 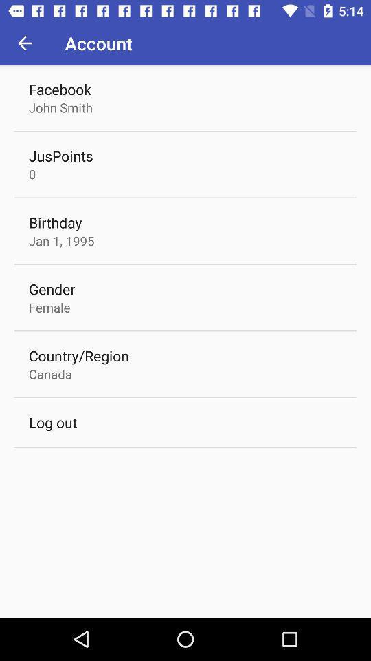 I want to click on icon above facebook icon, so click(x=25, y=43).